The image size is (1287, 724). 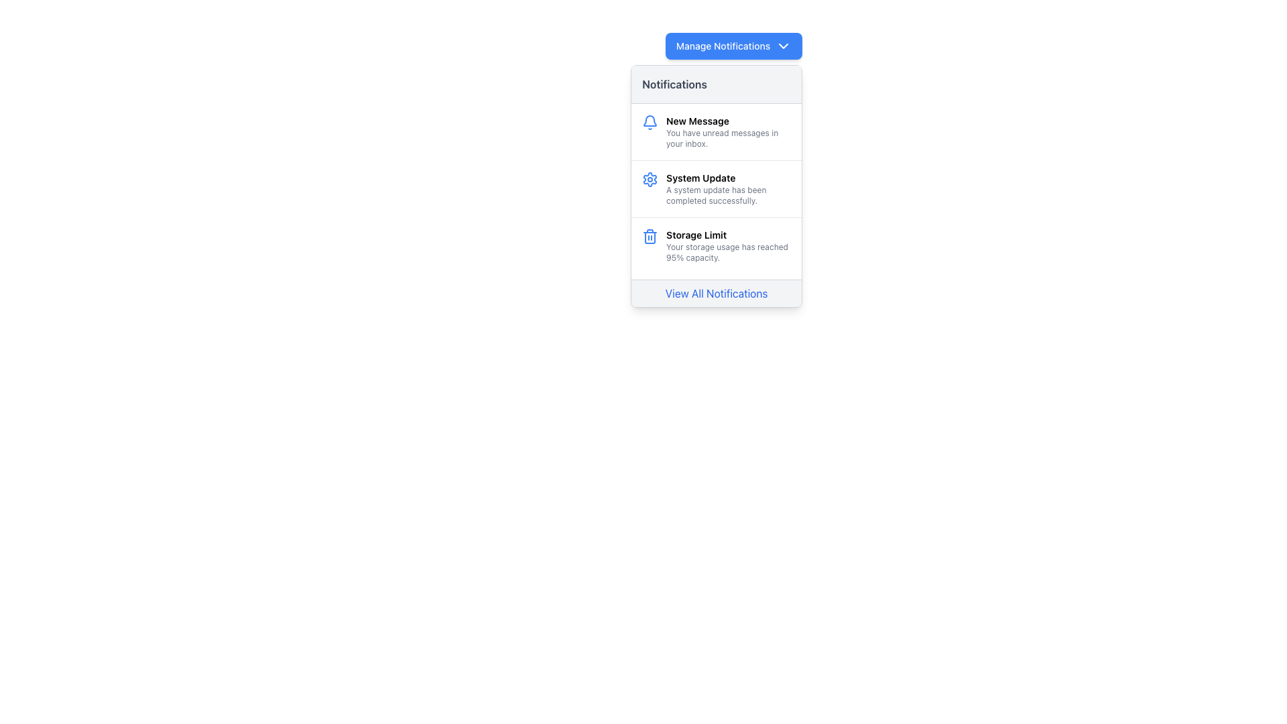 I want to click on the gear-shaped icon associated with settings in the notification panel, so click(x=650, y=178).